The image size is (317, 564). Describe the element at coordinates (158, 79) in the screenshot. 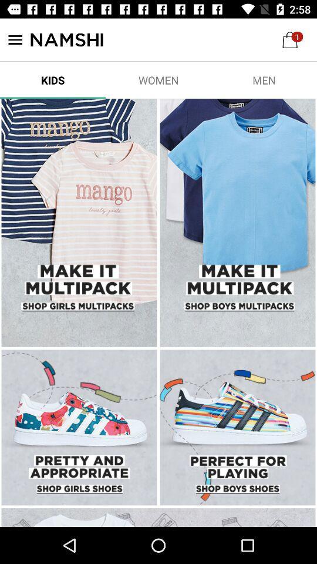

I see `women` at that location.